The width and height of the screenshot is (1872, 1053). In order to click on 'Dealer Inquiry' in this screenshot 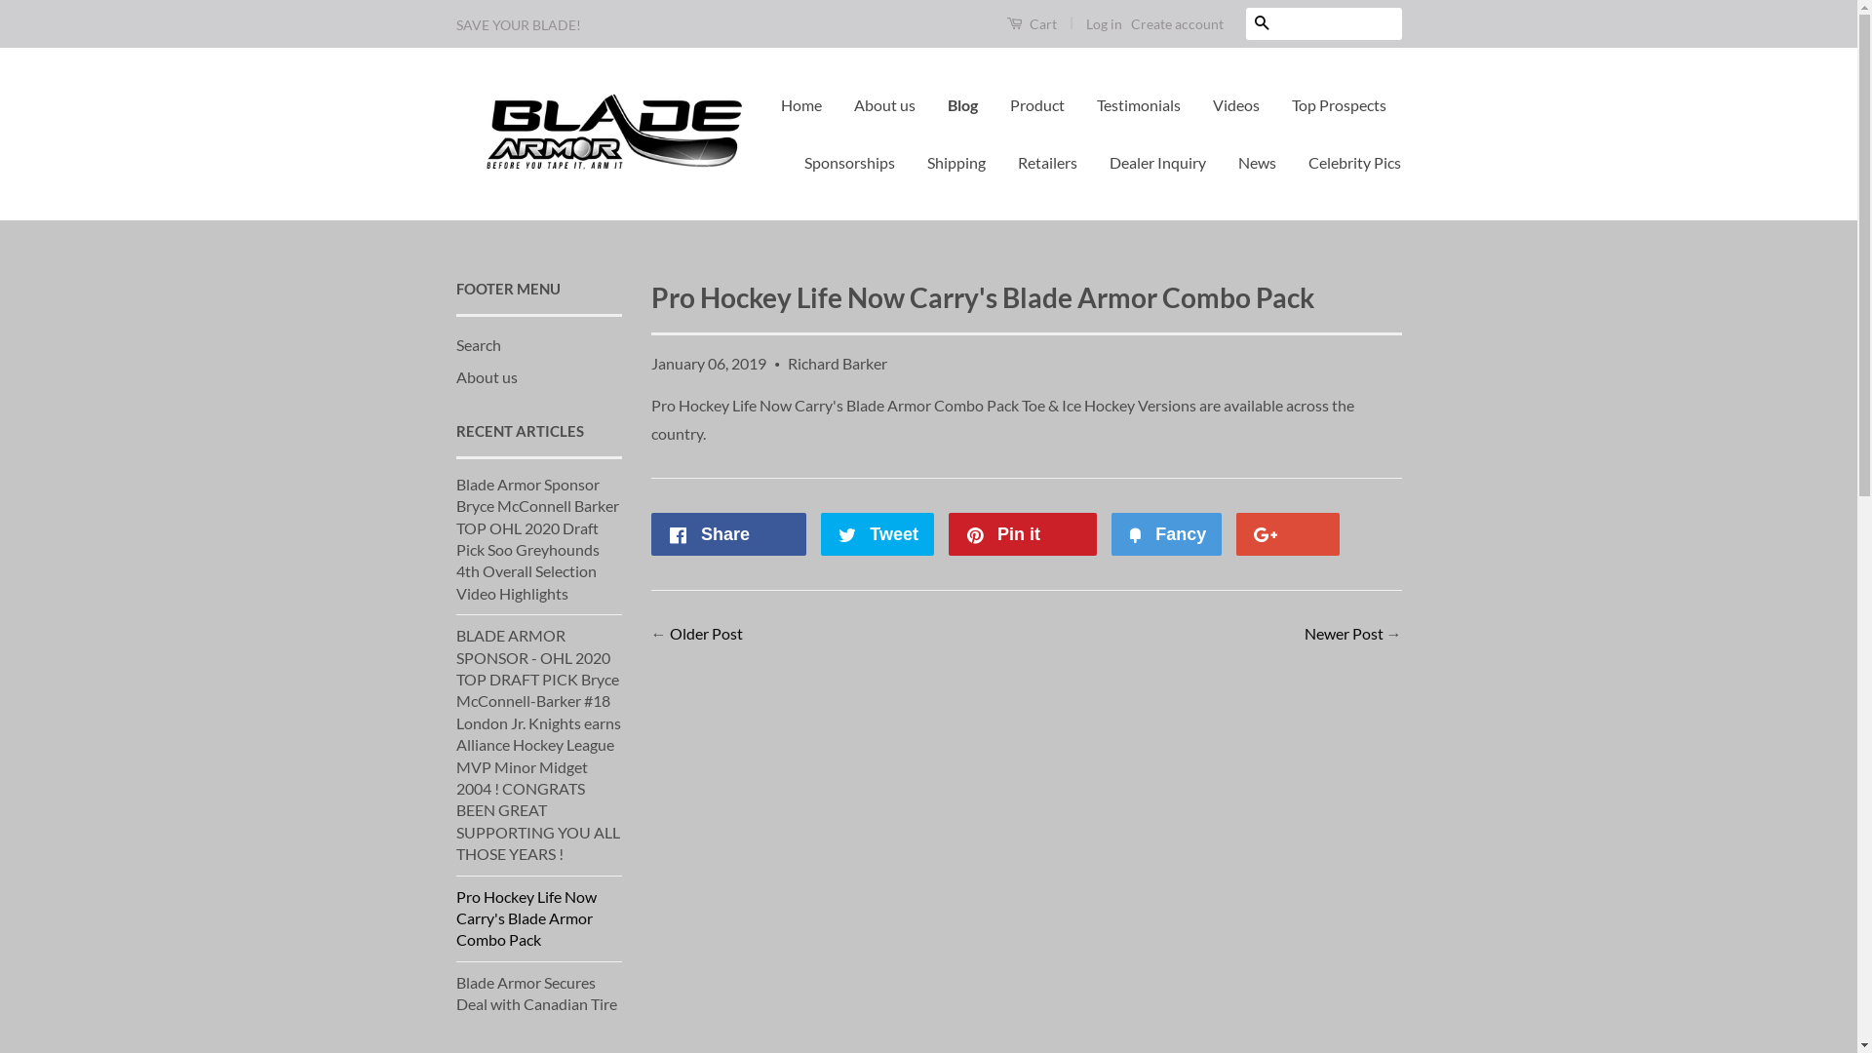, I will do `click(1157, 162)`.